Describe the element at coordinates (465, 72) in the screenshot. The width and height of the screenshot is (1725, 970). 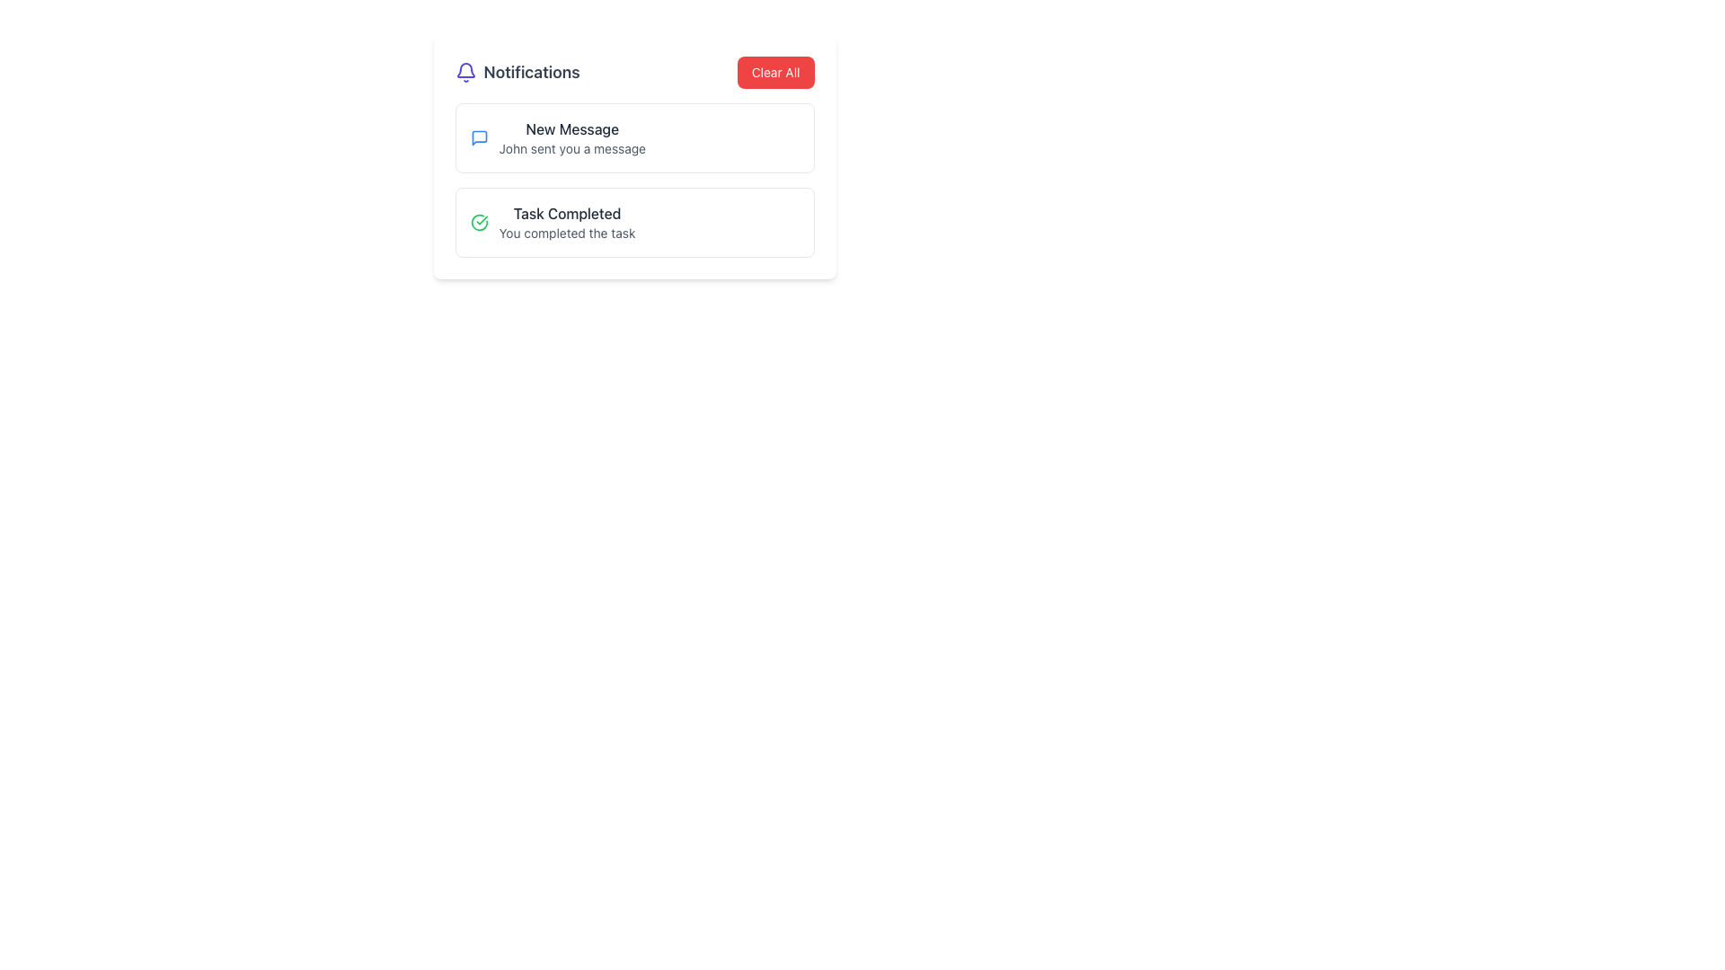
I see `the notification icon located to the left of the 'Notifications' section title` at that location.